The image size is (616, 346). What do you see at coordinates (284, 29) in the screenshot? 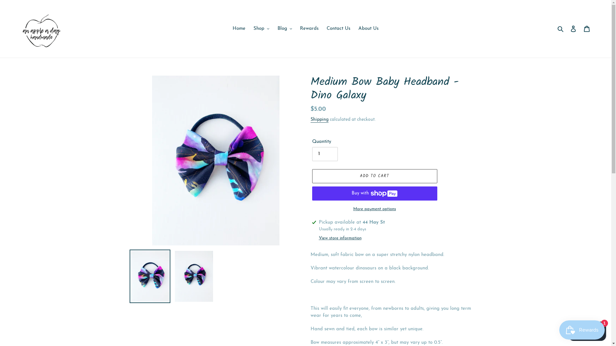
I see `'Blog'` at bounding box center [284, 29].